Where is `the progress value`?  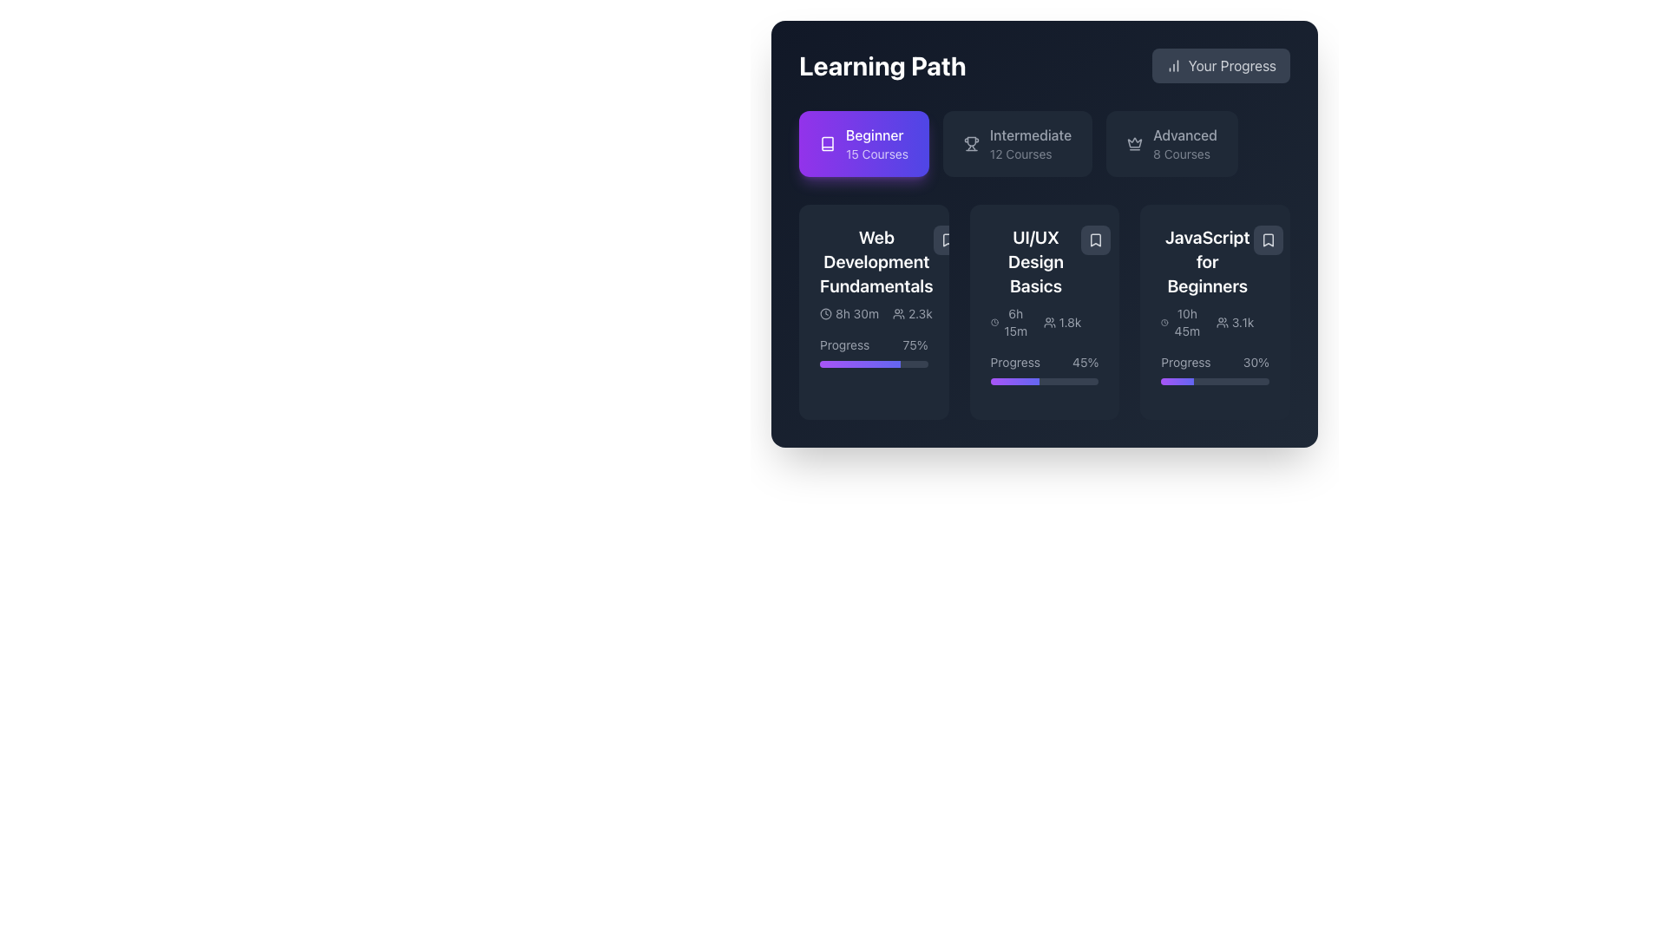
the progress value is located at coordinates (1197, 380).